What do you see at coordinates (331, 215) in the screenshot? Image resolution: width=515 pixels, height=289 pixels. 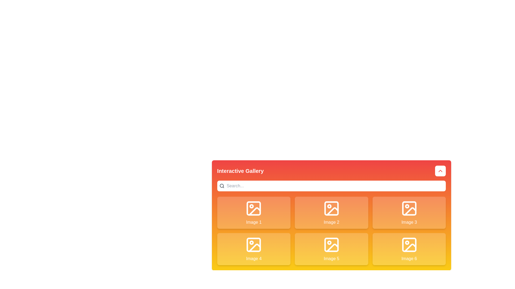 I see `the card titled 'Image 2' in the second column of the first row of the grid in the 'Interactive Gallery'` at bounding box center [331, 215].